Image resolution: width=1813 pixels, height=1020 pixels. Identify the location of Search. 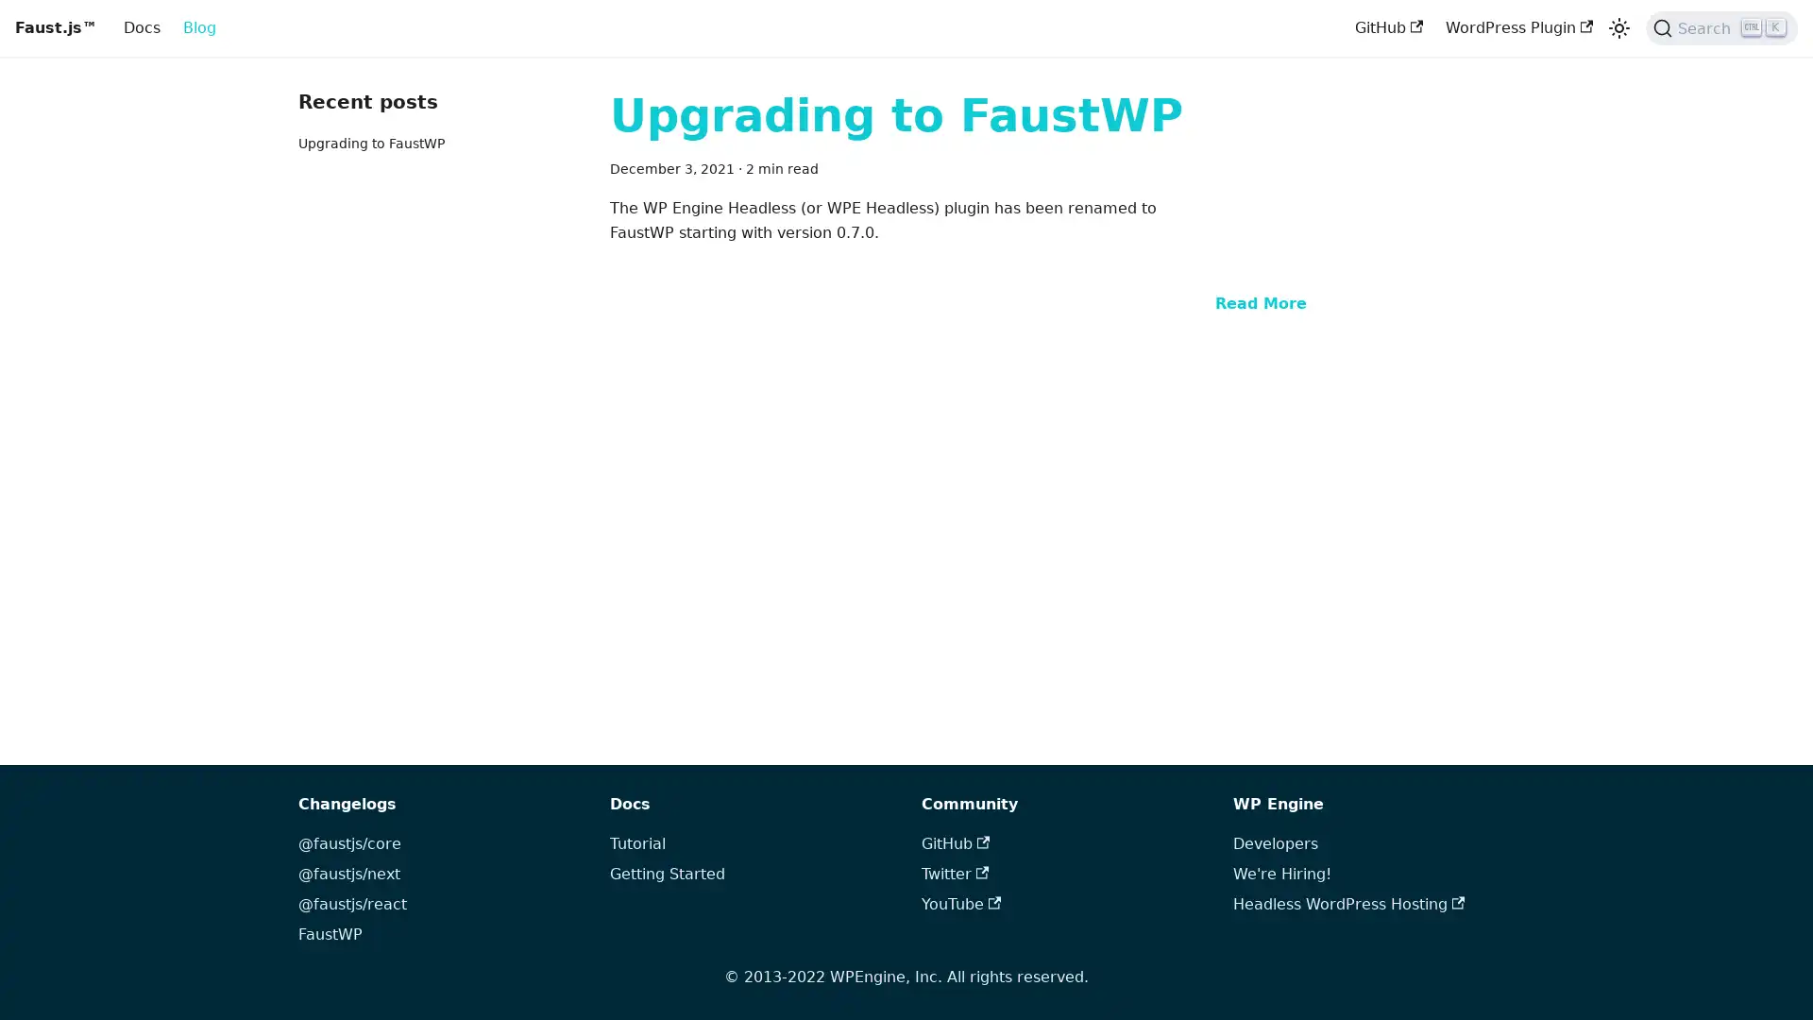
(1721, 28).